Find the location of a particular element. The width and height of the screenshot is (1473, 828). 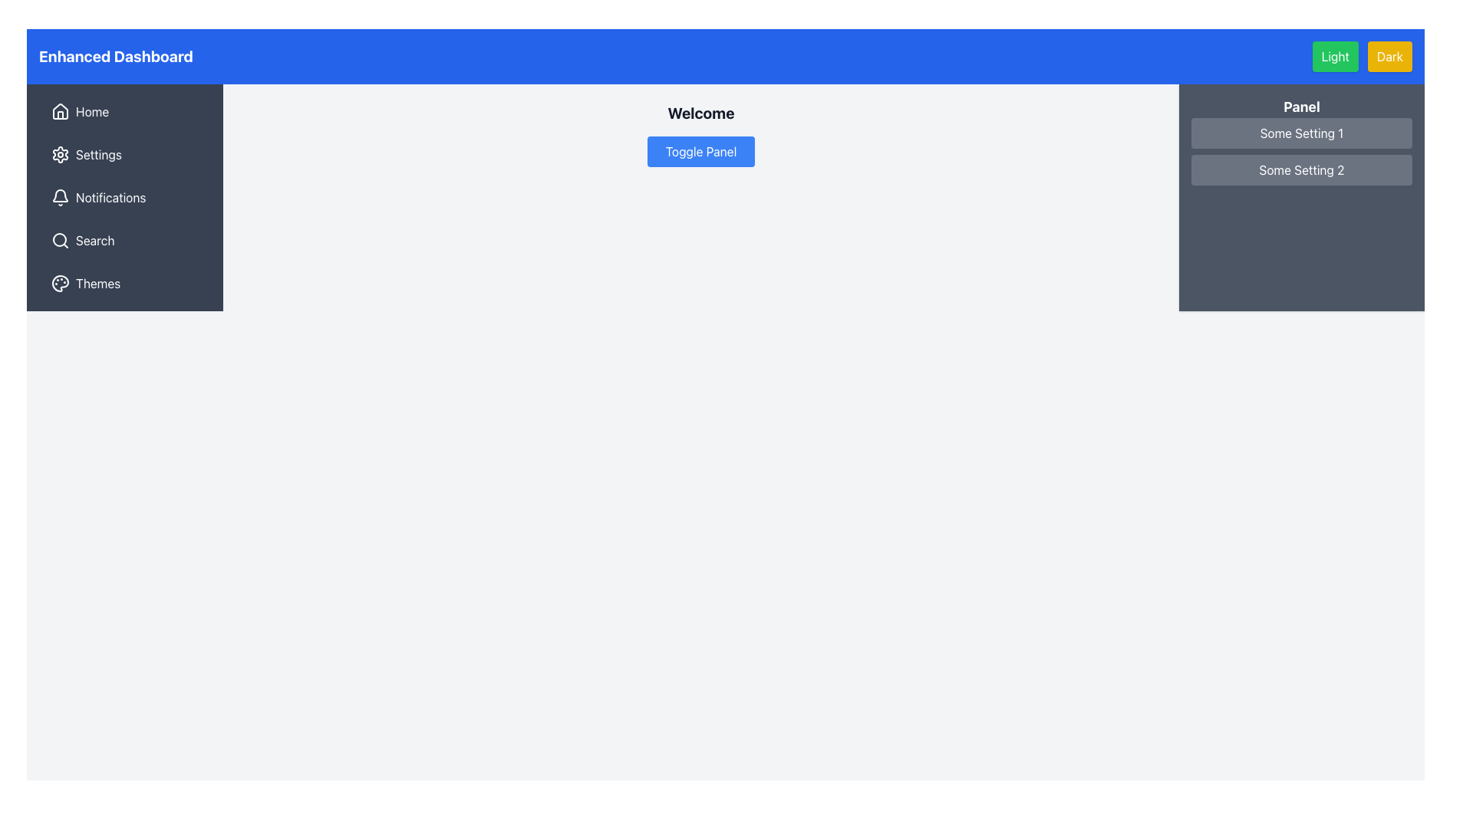

the 'Themes' text label in the sidebar is located at coordinates (97, 284).